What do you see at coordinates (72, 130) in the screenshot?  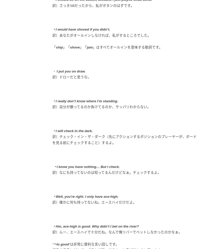 I see `'・I will check in the dark.'` at bounding box center [72, 130].